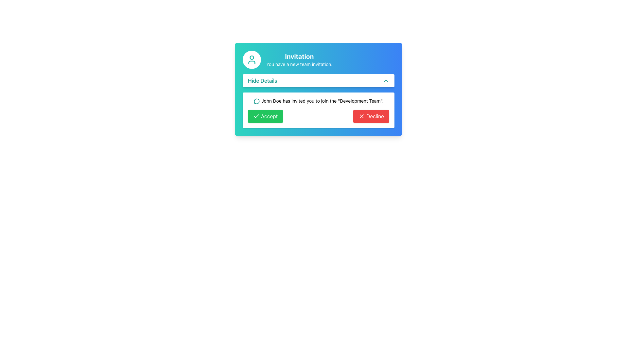 The width and height of the screenshot is (628, 353). Describe the element at coordinates (256, 101) in the screenshot. I see `the icon located to the left of the invitation text stating 'John Doe has invited you to join the Development Team'` at that location.